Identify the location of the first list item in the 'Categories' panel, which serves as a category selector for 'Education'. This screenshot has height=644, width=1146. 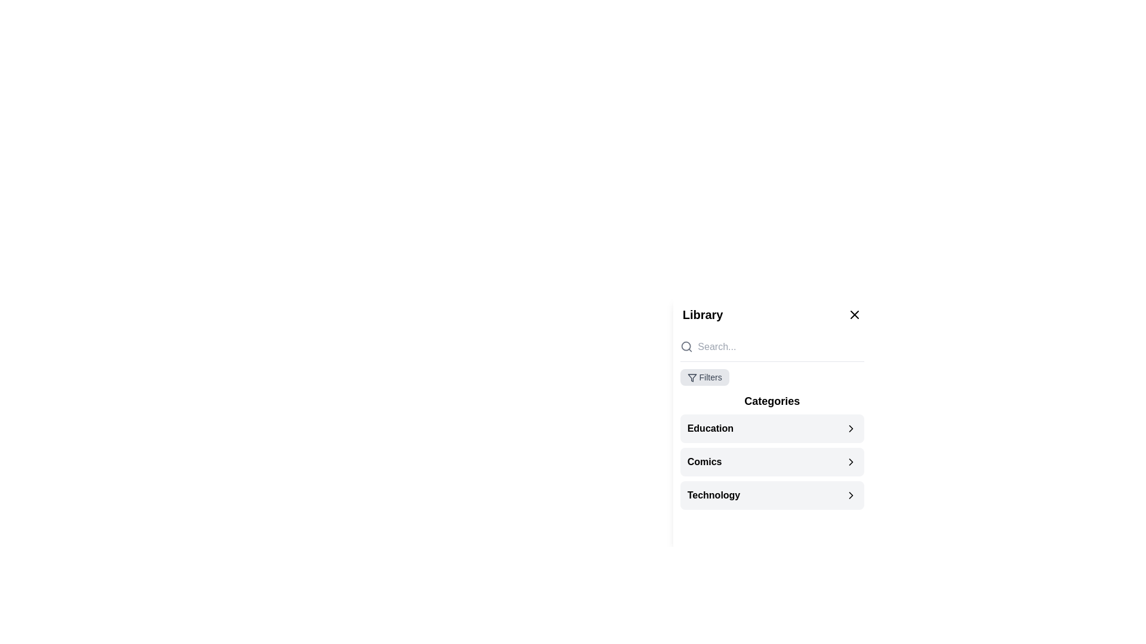
(772, 421).